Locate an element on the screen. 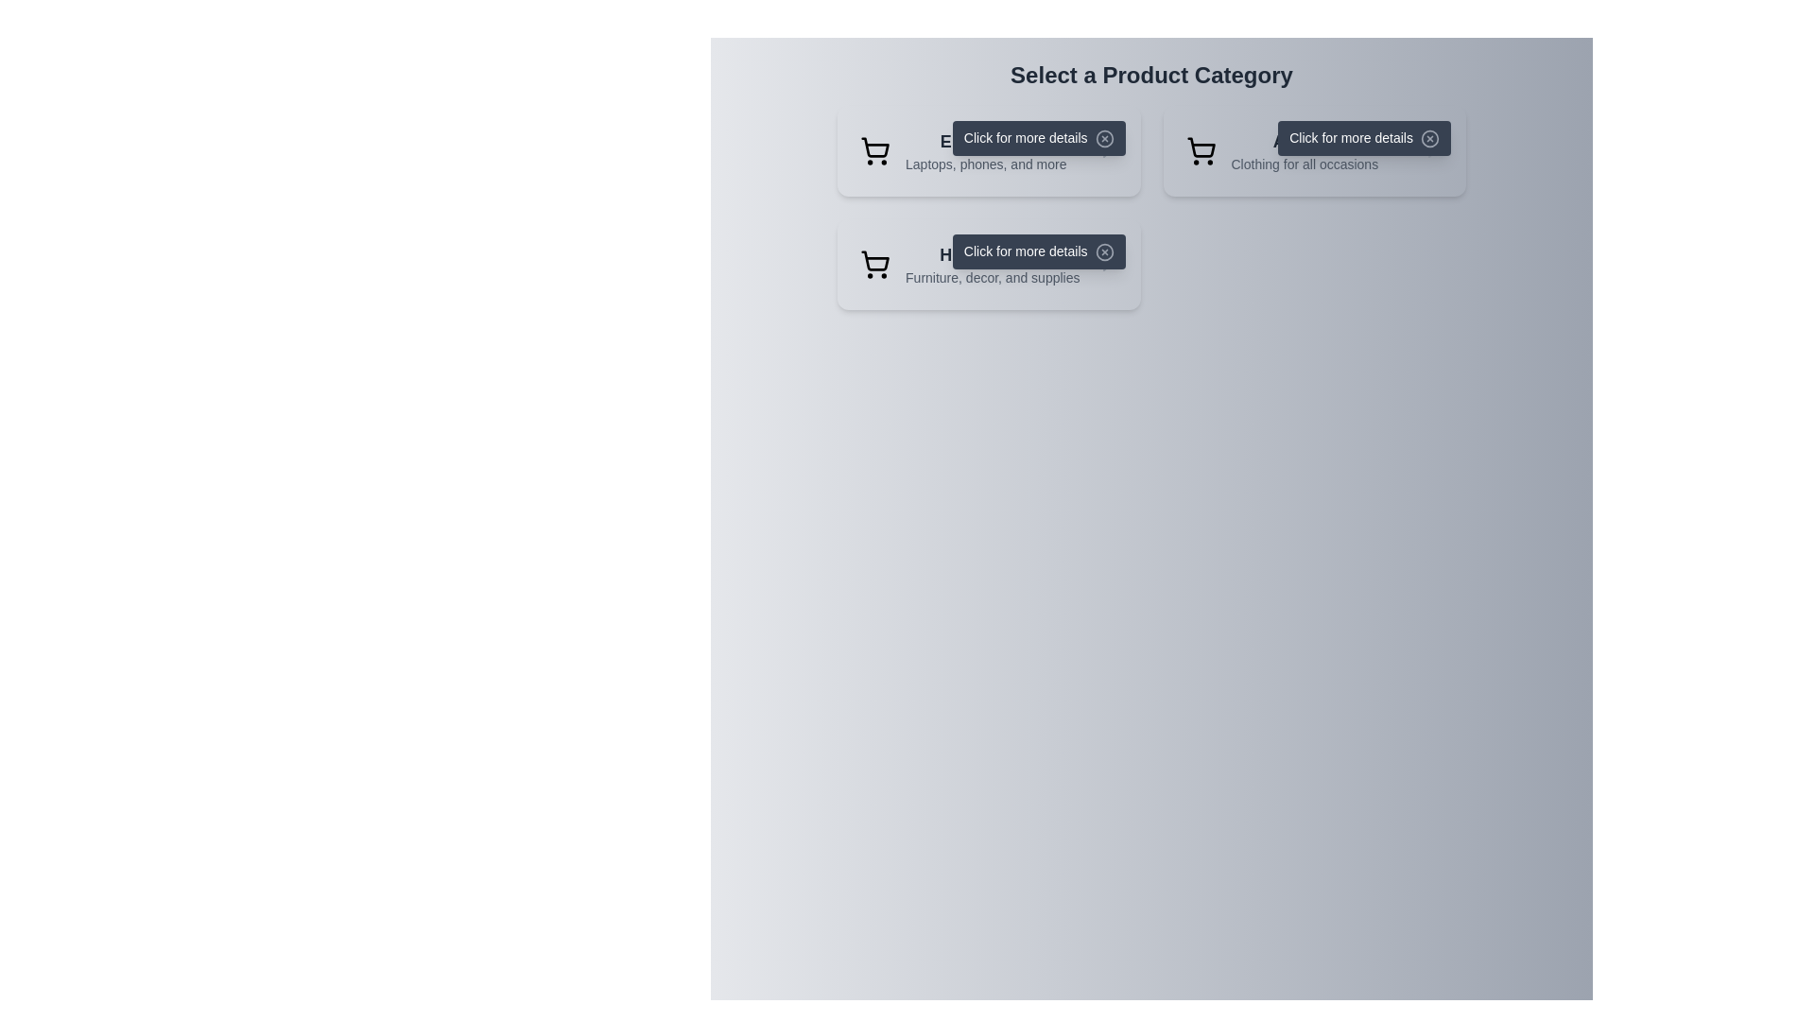 The image size is (1815, 1021). the text label describing the category of products (Electronics) is located at coordinates (985, 149).